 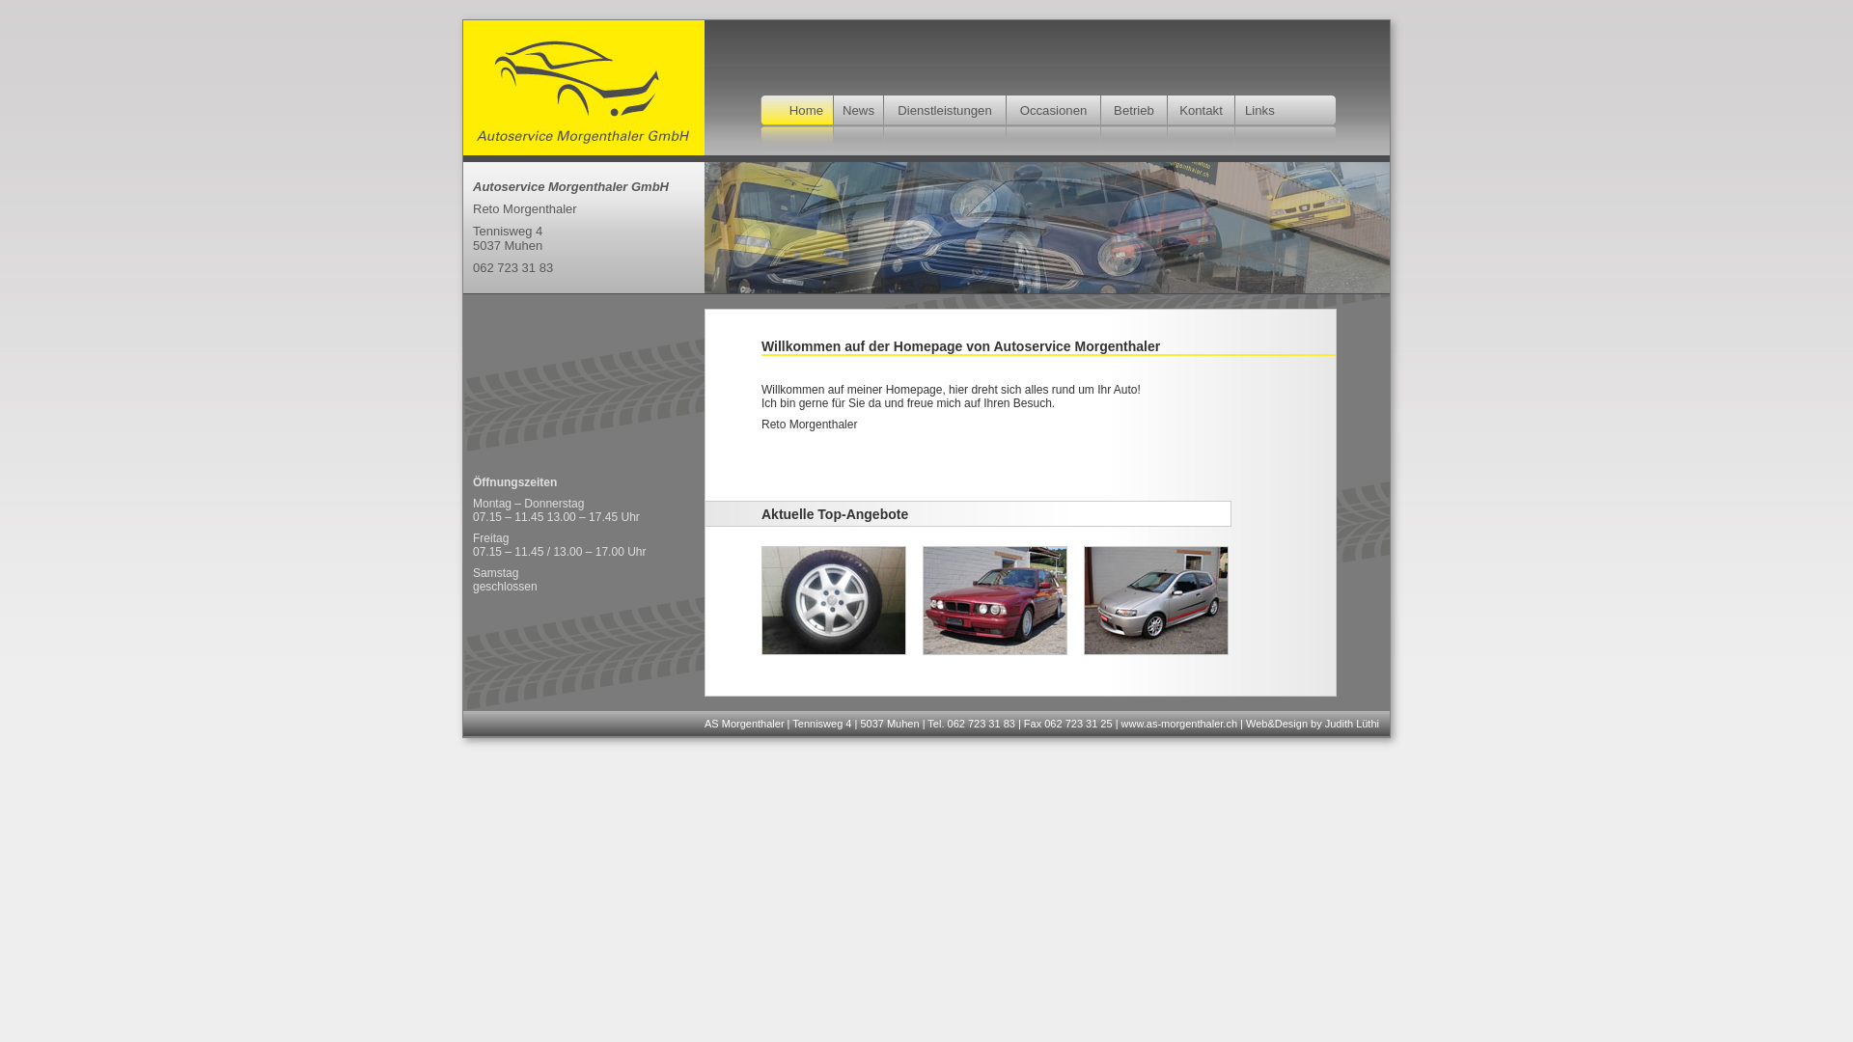 I want to click on 'Links', so click(x=1259, y=110).